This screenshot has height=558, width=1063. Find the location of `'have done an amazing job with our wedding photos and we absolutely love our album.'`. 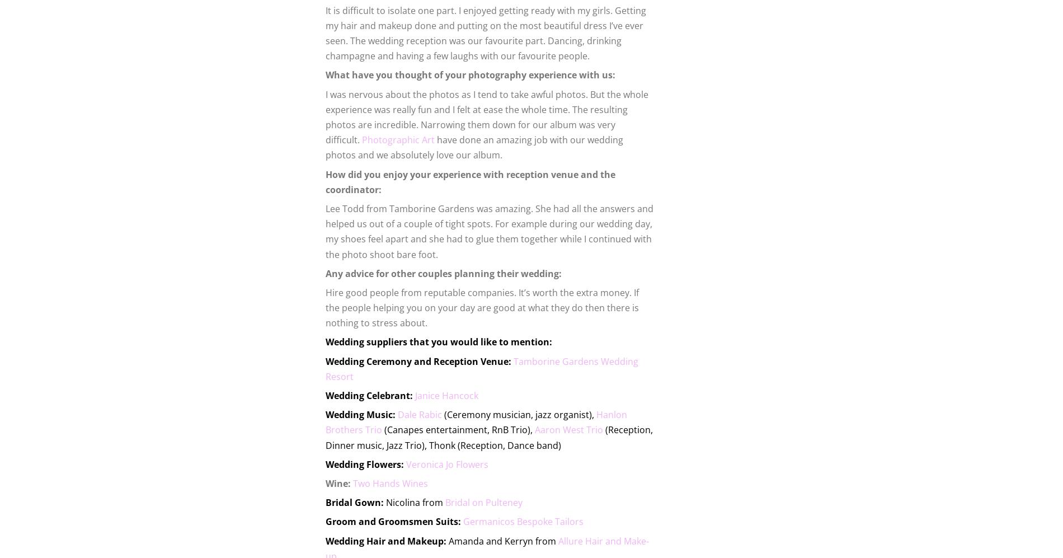

'have done an amazing job with our wedding photos and we absolutely love our album.' is located at coordinates (473, 147).